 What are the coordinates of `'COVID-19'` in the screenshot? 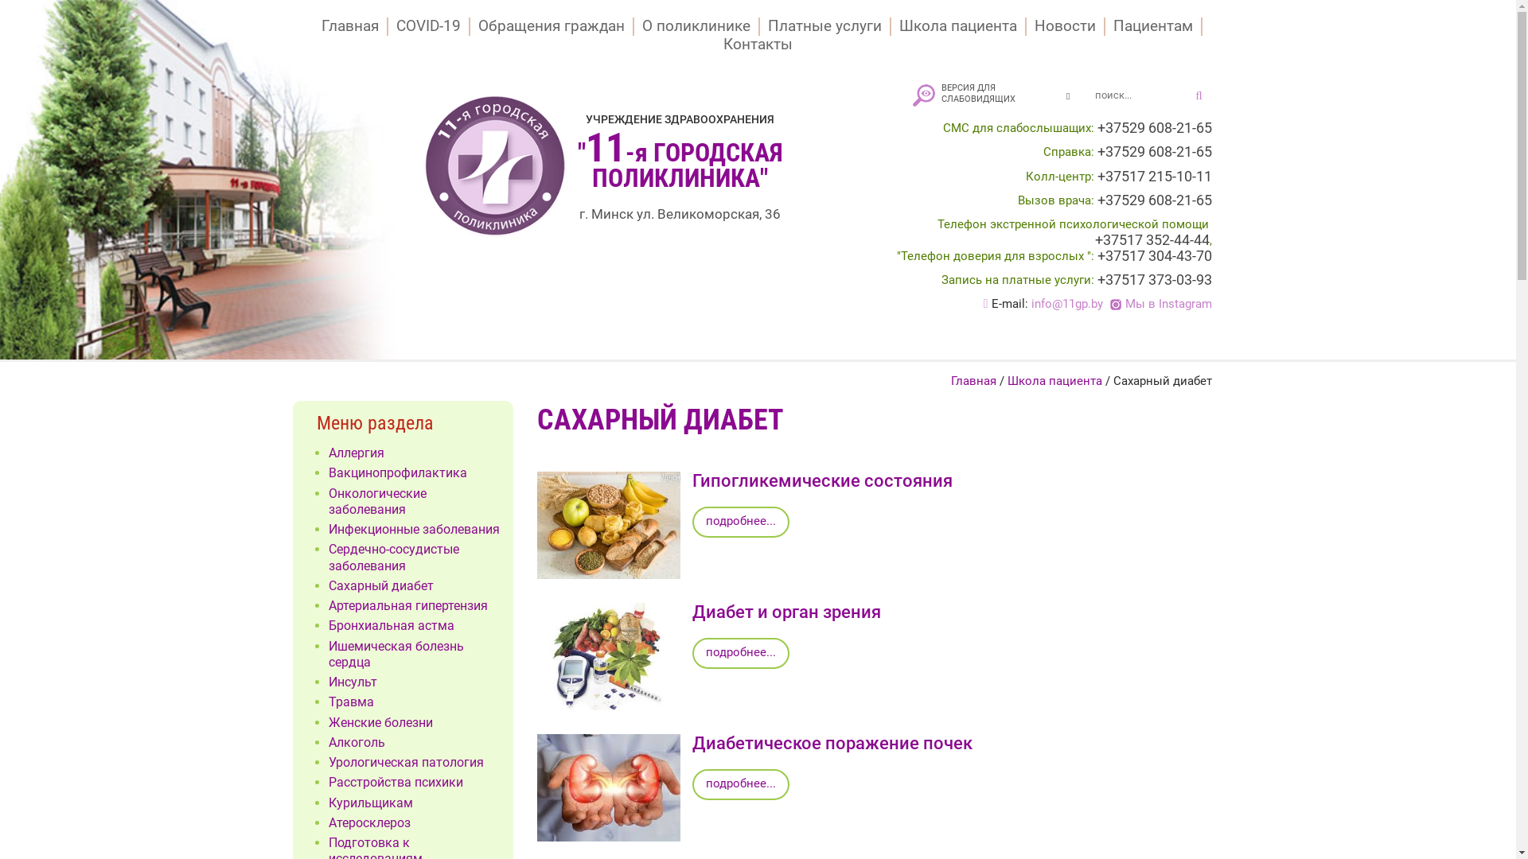 It's located at (429, 26).